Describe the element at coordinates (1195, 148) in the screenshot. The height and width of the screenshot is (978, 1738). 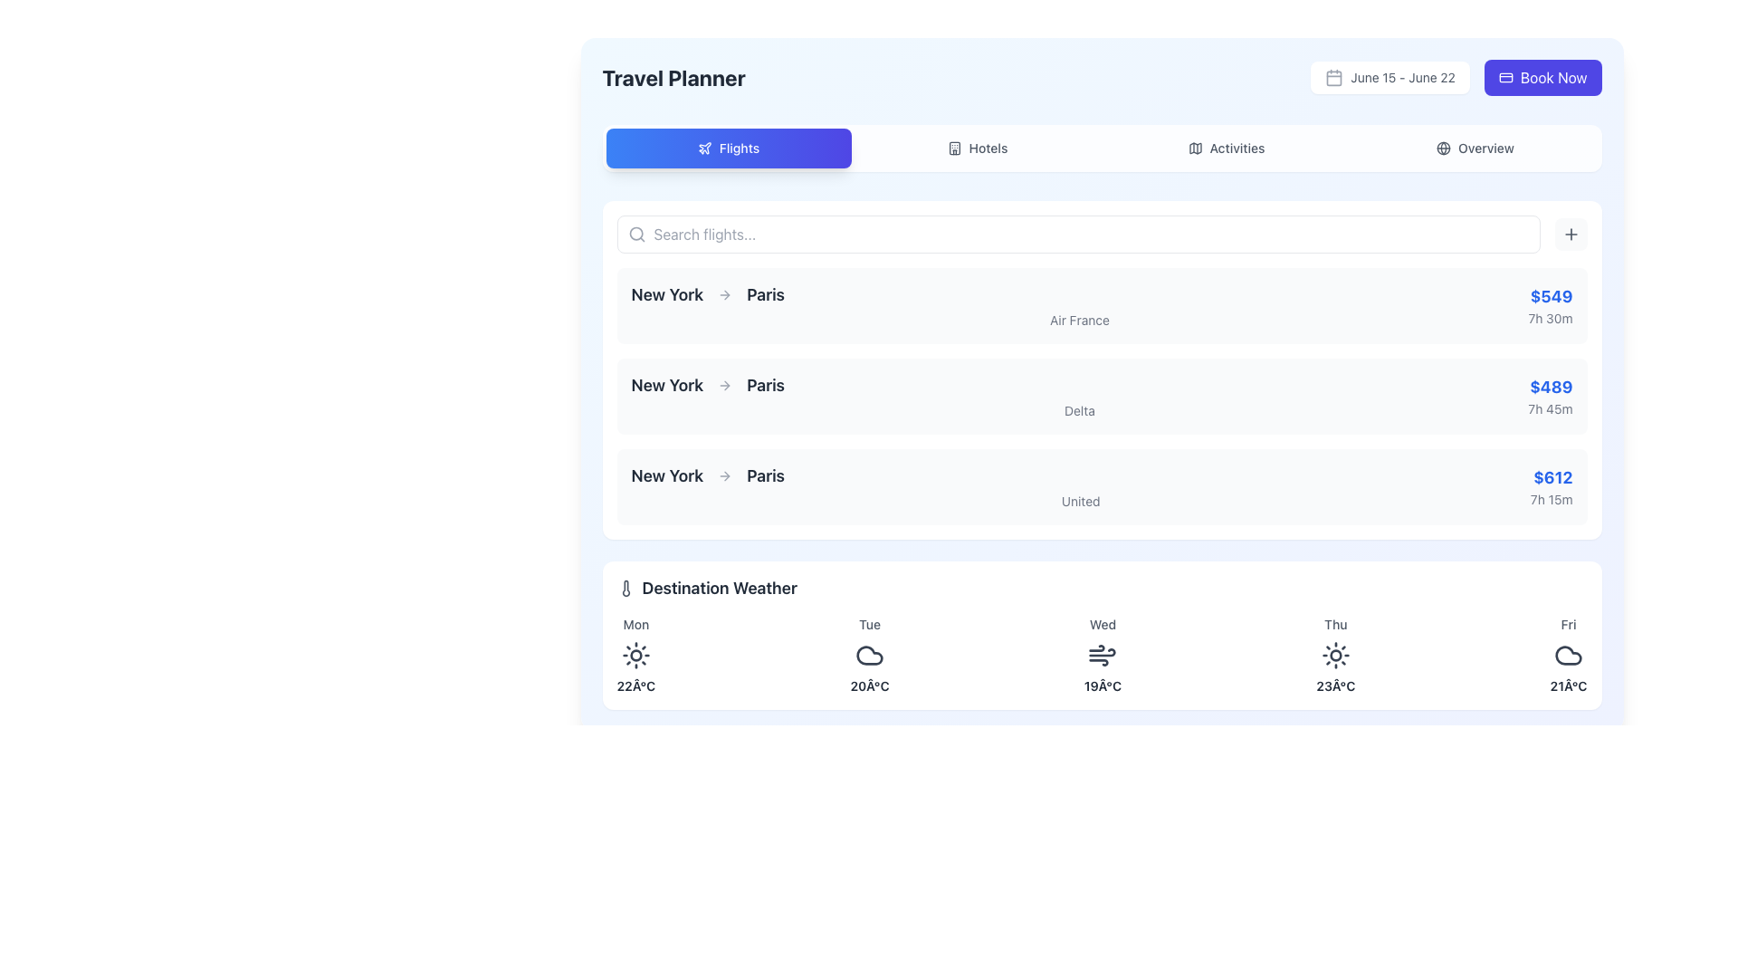
I see `the gray map-shaped SVG icon located within the 'Activities' button in the header section, which is the first element to the left of the 'Activities' text` at that location.